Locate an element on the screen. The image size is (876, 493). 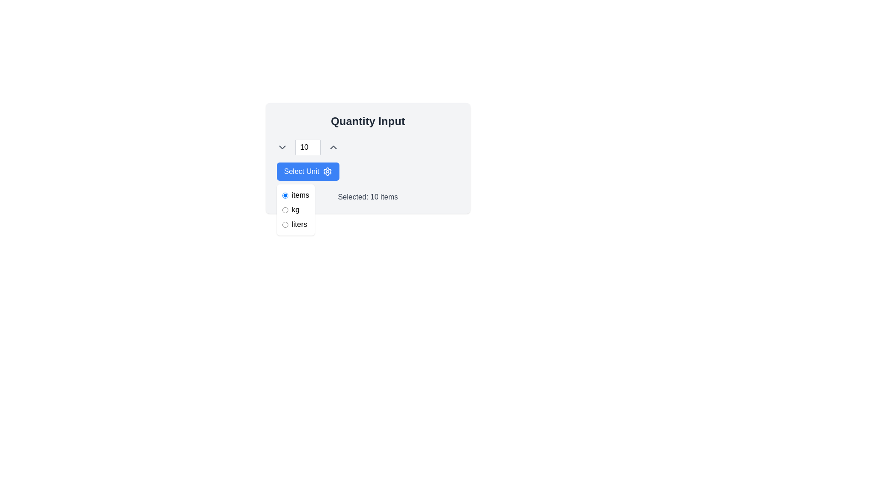
text displayed in the Text label that provides feedback about the number of items selected, located below the unit selection dropdown and to the right of the 'items' radio button is located at coordinates (368, 197).